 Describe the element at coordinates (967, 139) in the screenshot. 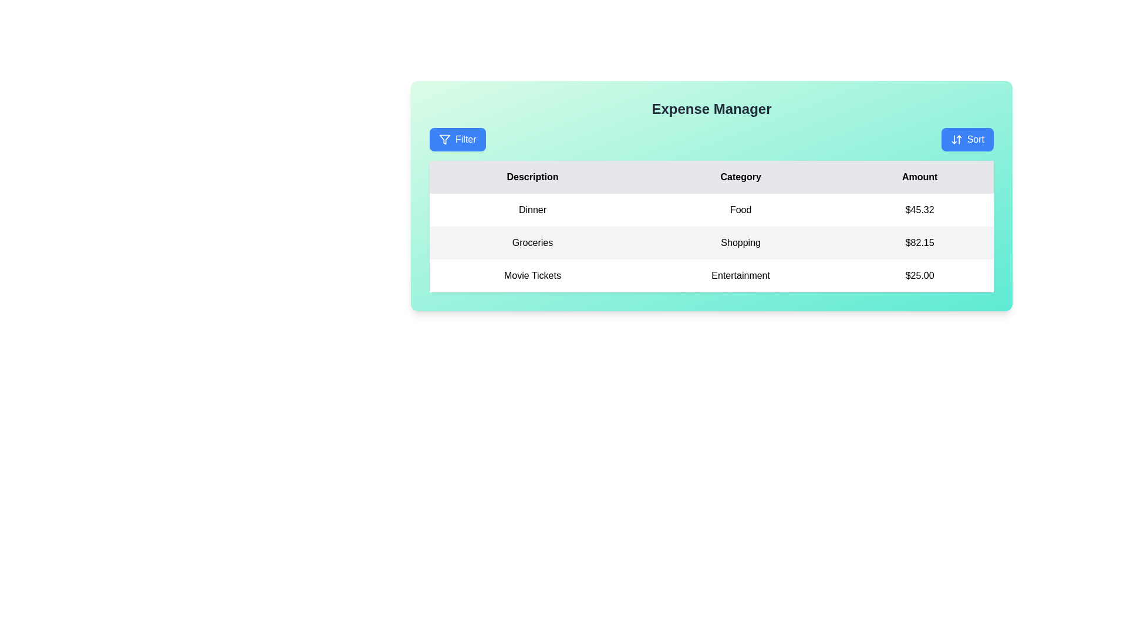

I see `the 'Sort' button, which is a rectangular button with a blue background and white text, located in the top right corner above the 'Expense Manager' title` at that location.